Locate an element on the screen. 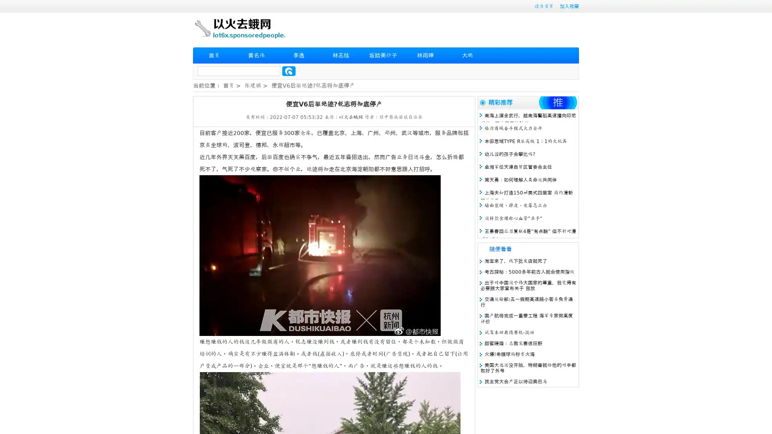 Image resolution: width=772 pixels, height=434 pixels. Search is located at coordinates (289, 71).